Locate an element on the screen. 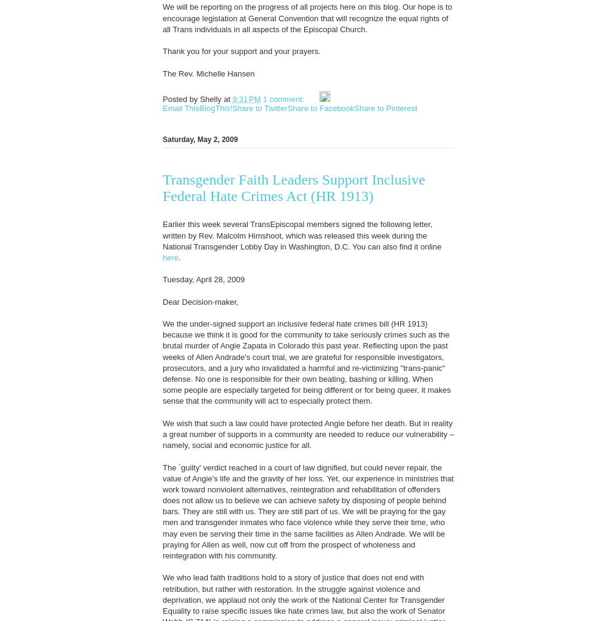 This screenshot has width=612, height=621. 'We wish that such a law could have protected Angie before her death. But in reality a great number of supports in a community are needed to reduce our vulnerability – namely, social and economic justice for all.' is located at coordinates (308, 433).